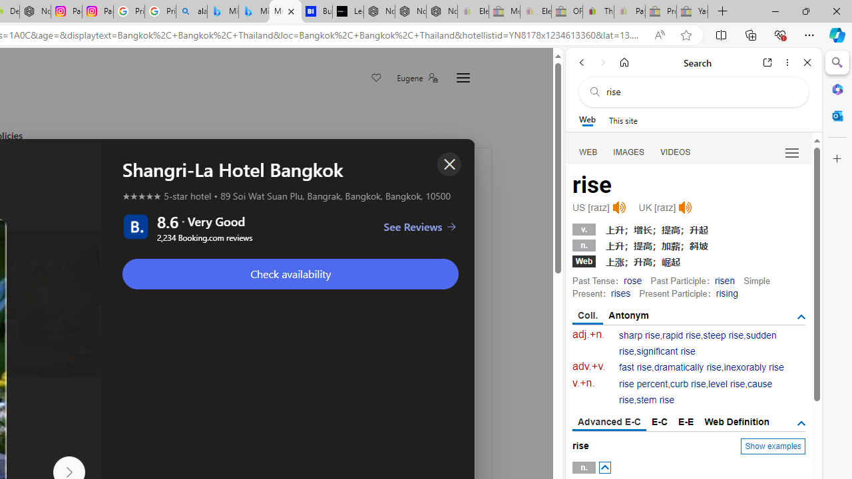  What do you see at coordinates (687, 367) in the screenshot?
I see `'dramatically rise'` at bounding box center [687, 367].